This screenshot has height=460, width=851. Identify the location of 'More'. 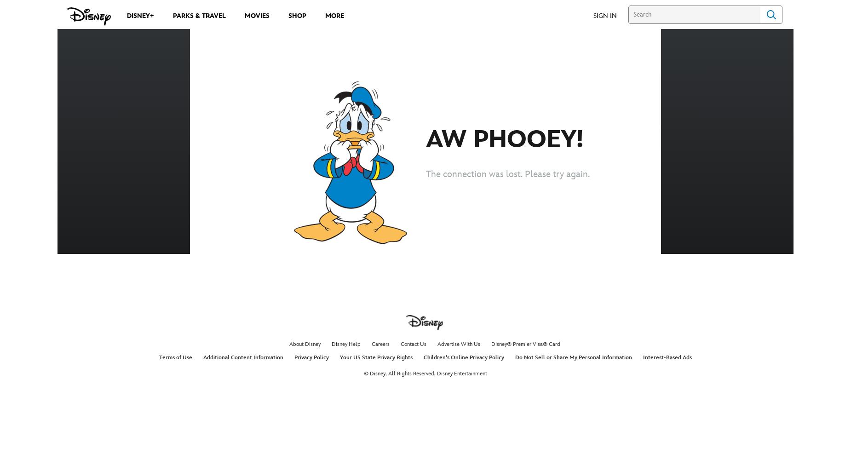
(334, 16).